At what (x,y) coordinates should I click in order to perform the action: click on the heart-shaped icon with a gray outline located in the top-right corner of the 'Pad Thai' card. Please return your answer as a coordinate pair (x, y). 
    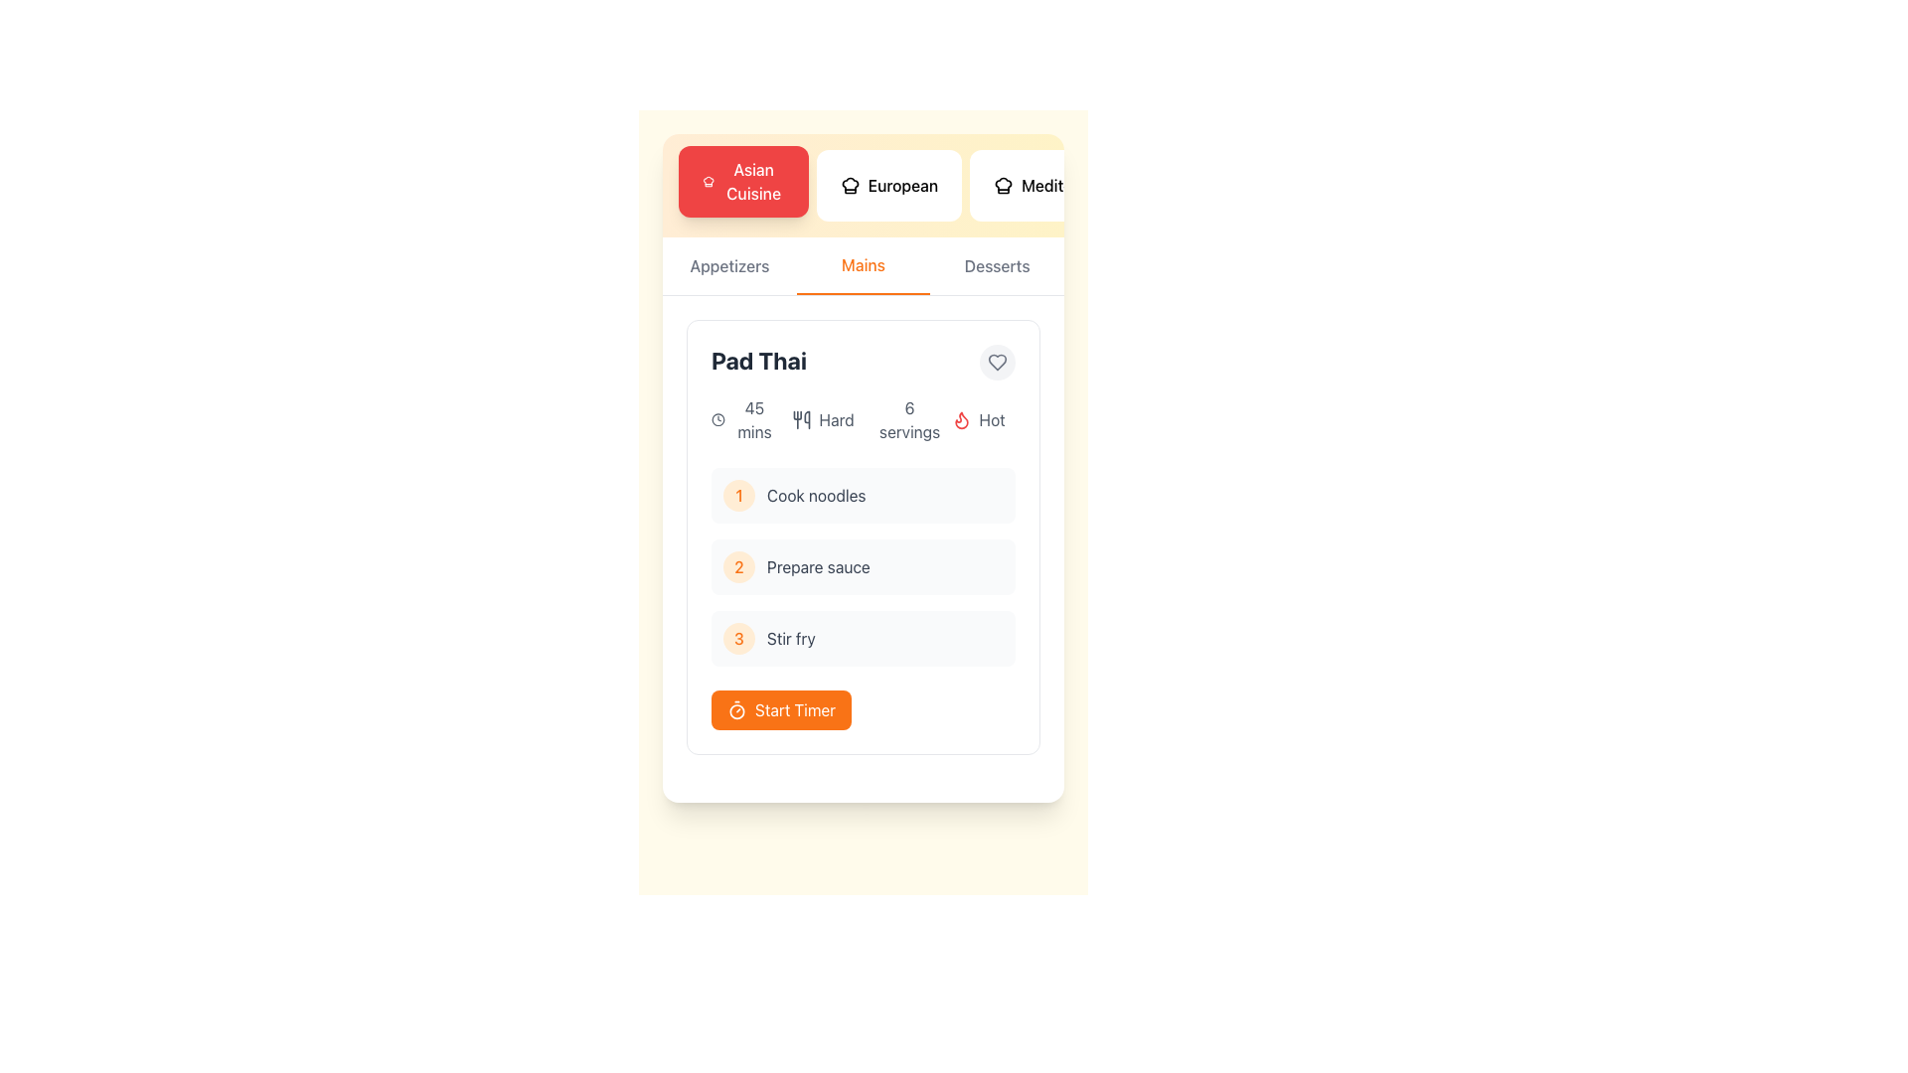
    Looking at the image, I should click on (997, 363).